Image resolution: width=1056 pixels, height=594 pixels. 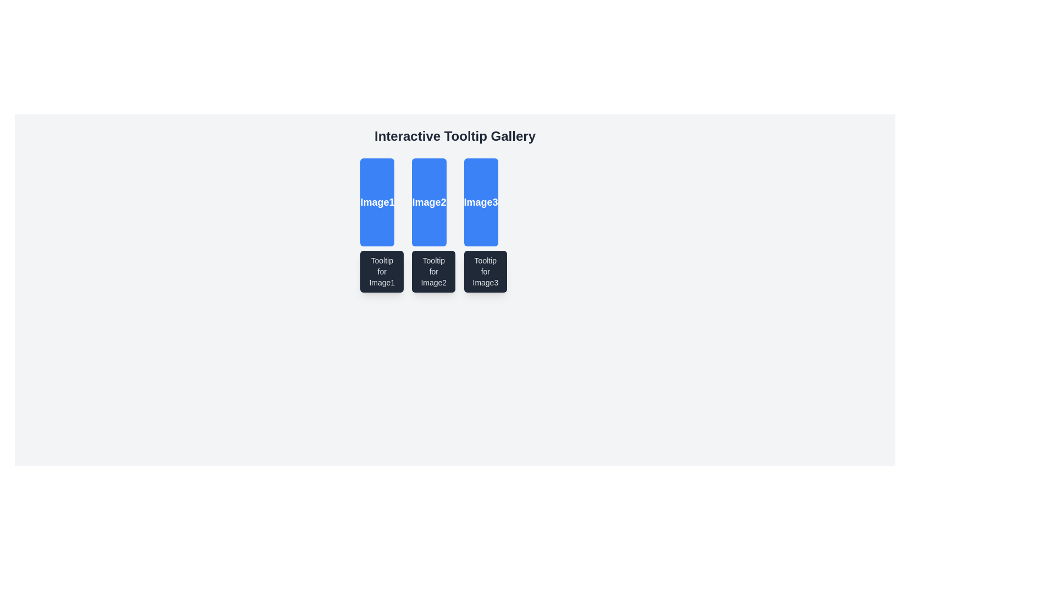 I want to click on the Image button labeled 'Image2' which has a blue background and is the second element in a three-column layout, so click(x=428, y=202).